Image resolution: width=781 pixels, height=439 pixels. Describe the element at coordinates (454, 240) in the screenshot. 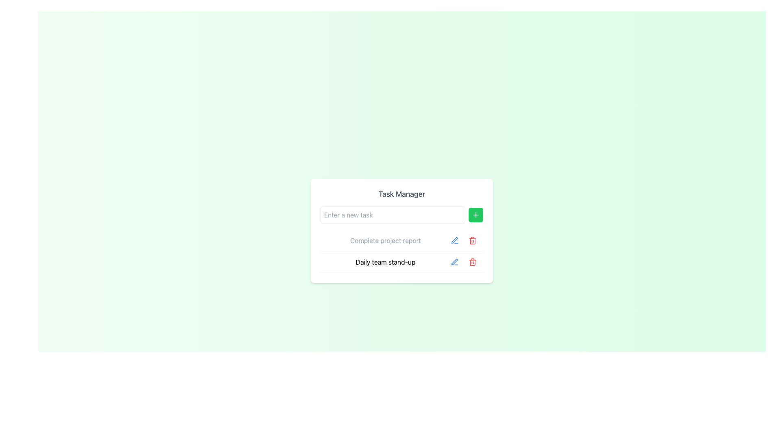

I see `the pen icon located to the right of the 'Daily team stand-up' text line in the lower task entry of the Task Manager panel` at that location.